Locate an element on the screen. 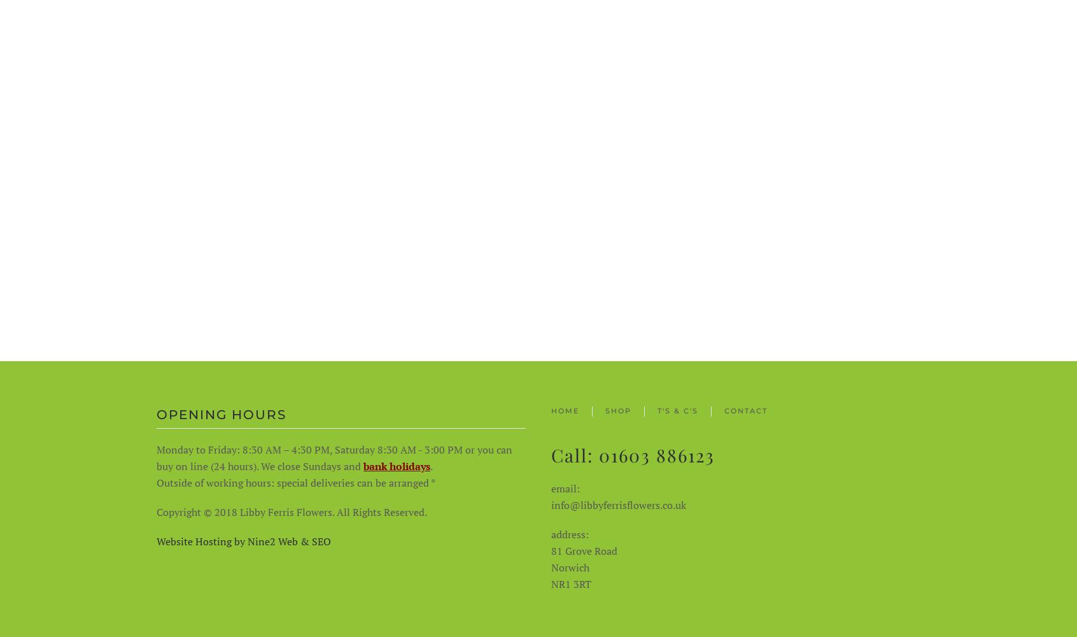  'Shop' is located at coordinates (618, 410).